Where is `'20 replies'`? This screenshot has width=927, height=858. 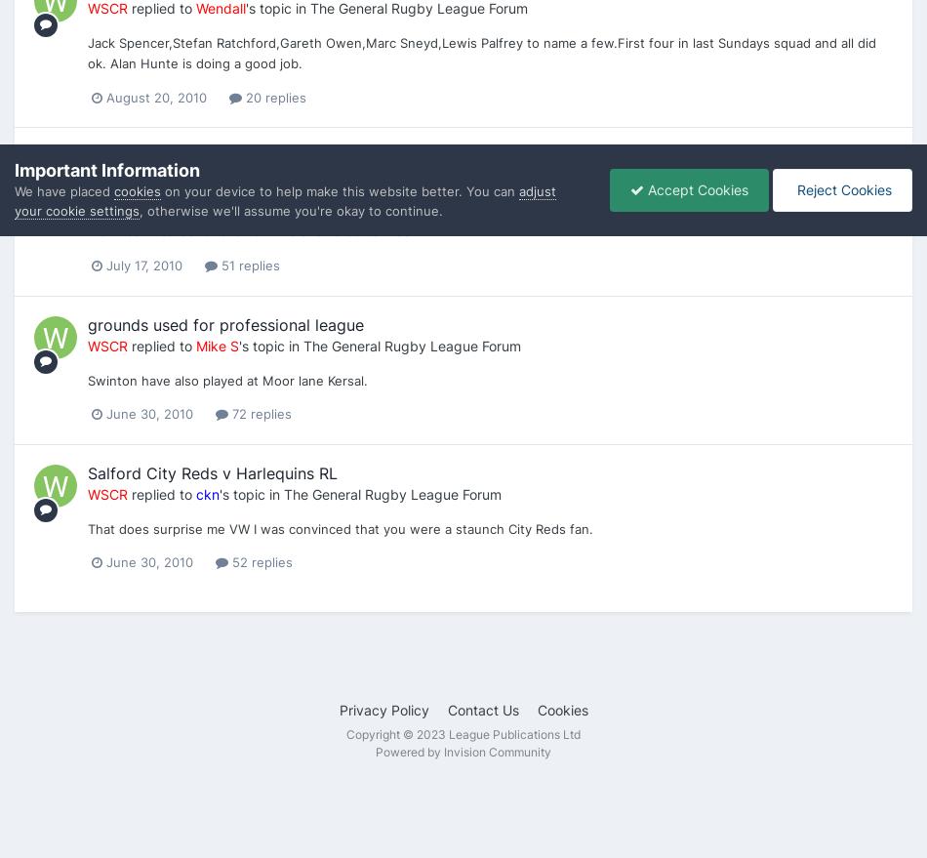
'20 replies' is located at coordinates (273, 95).